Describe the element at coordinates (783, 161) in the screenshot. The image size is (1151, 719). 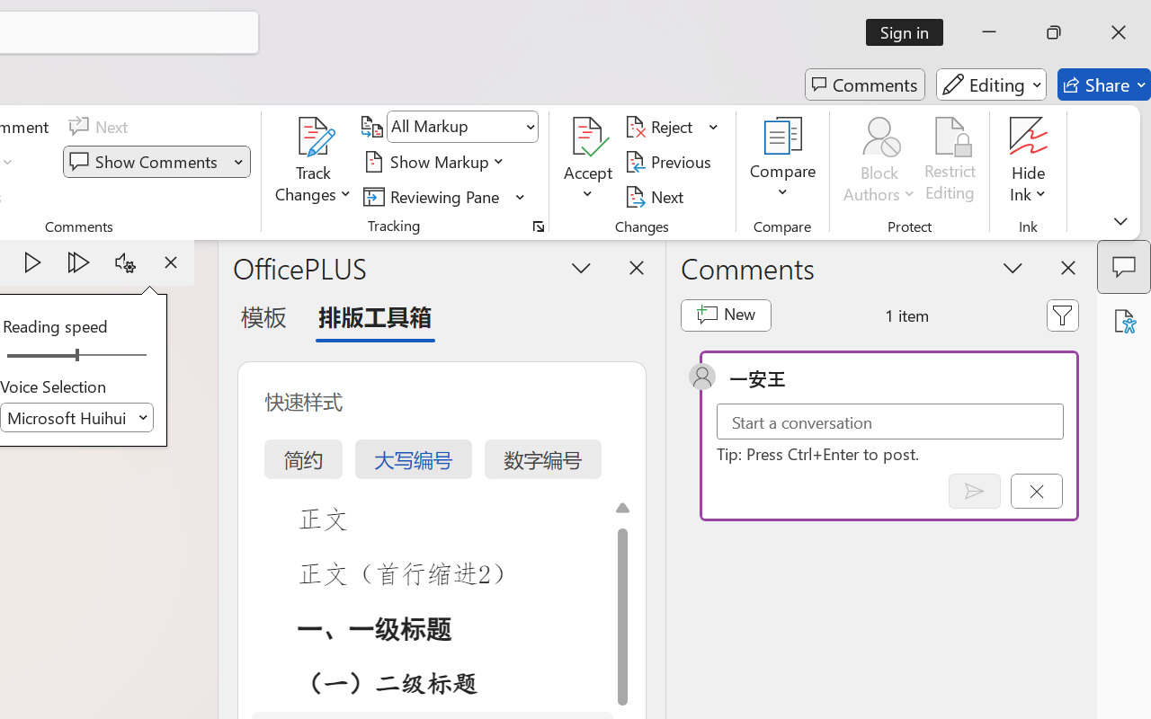
I see `'Compare'` at that location.